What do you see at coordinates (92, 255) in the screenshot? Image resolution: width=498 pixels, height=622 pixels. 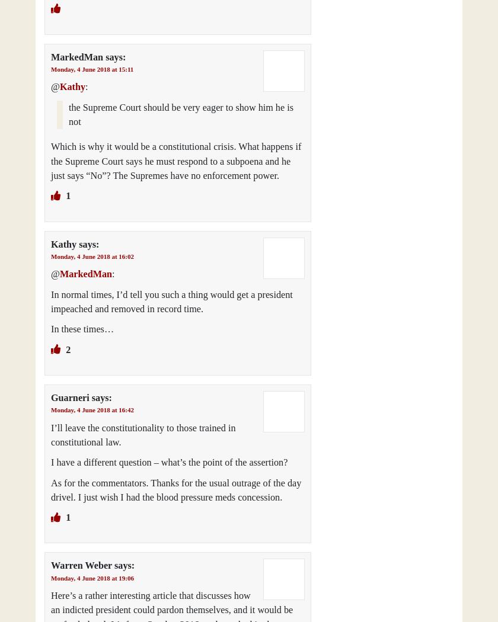 I see `'Monday, 4 June 2018 at 16:02'` at bounding box center [92, 255].